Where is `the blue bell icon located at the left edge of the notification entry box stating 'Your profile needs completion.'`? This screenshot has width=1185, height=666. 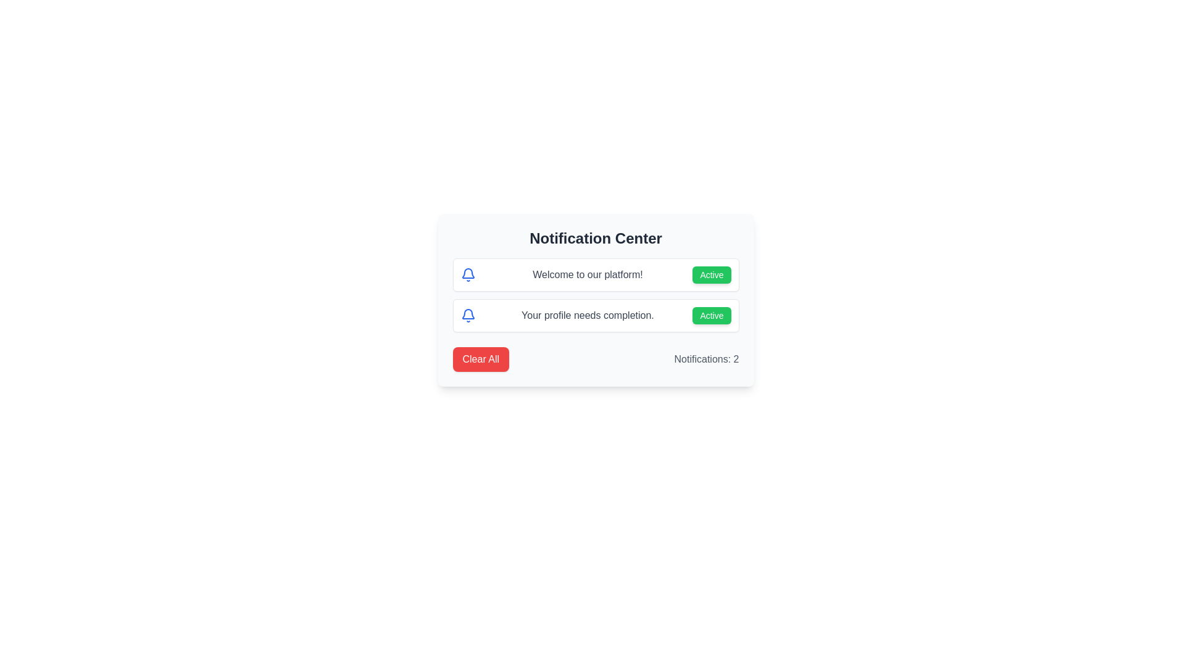
the blue bell icon located at the left edge of the notification entry box stating 'Your profile needs completion.' is located at coordinates (467, 315).